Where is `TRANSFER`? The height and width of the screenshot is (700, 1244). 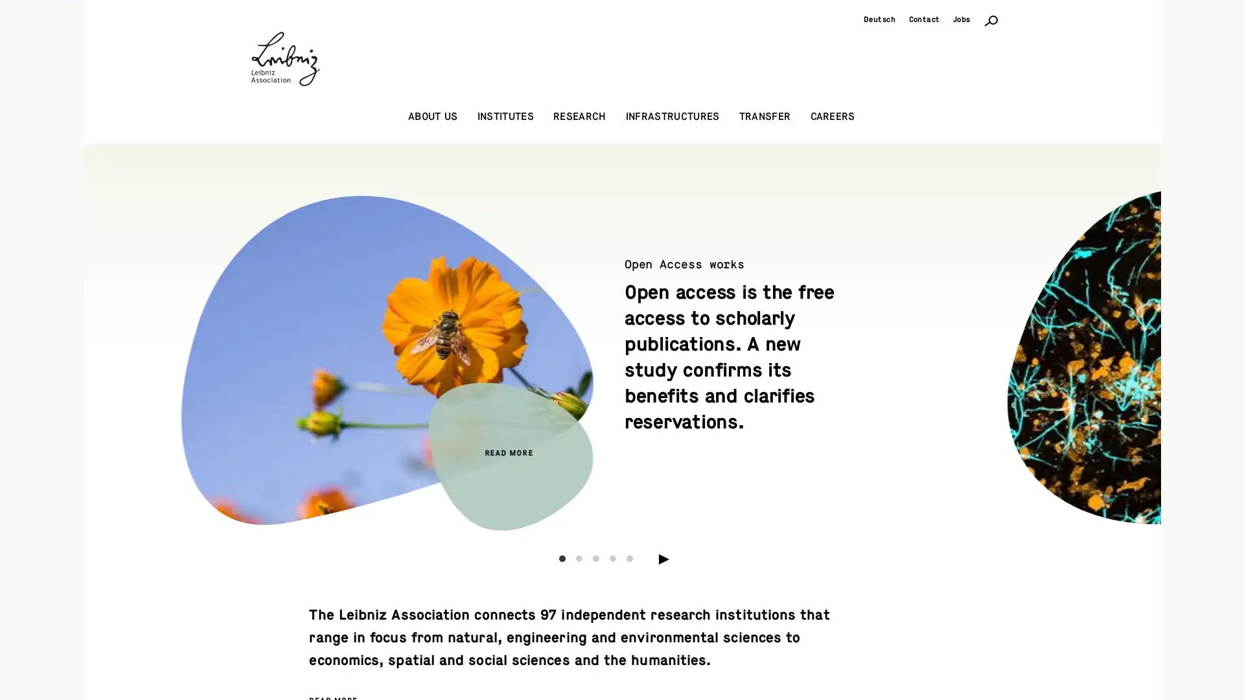
TRANSFER is located at coordinates (765, 117).